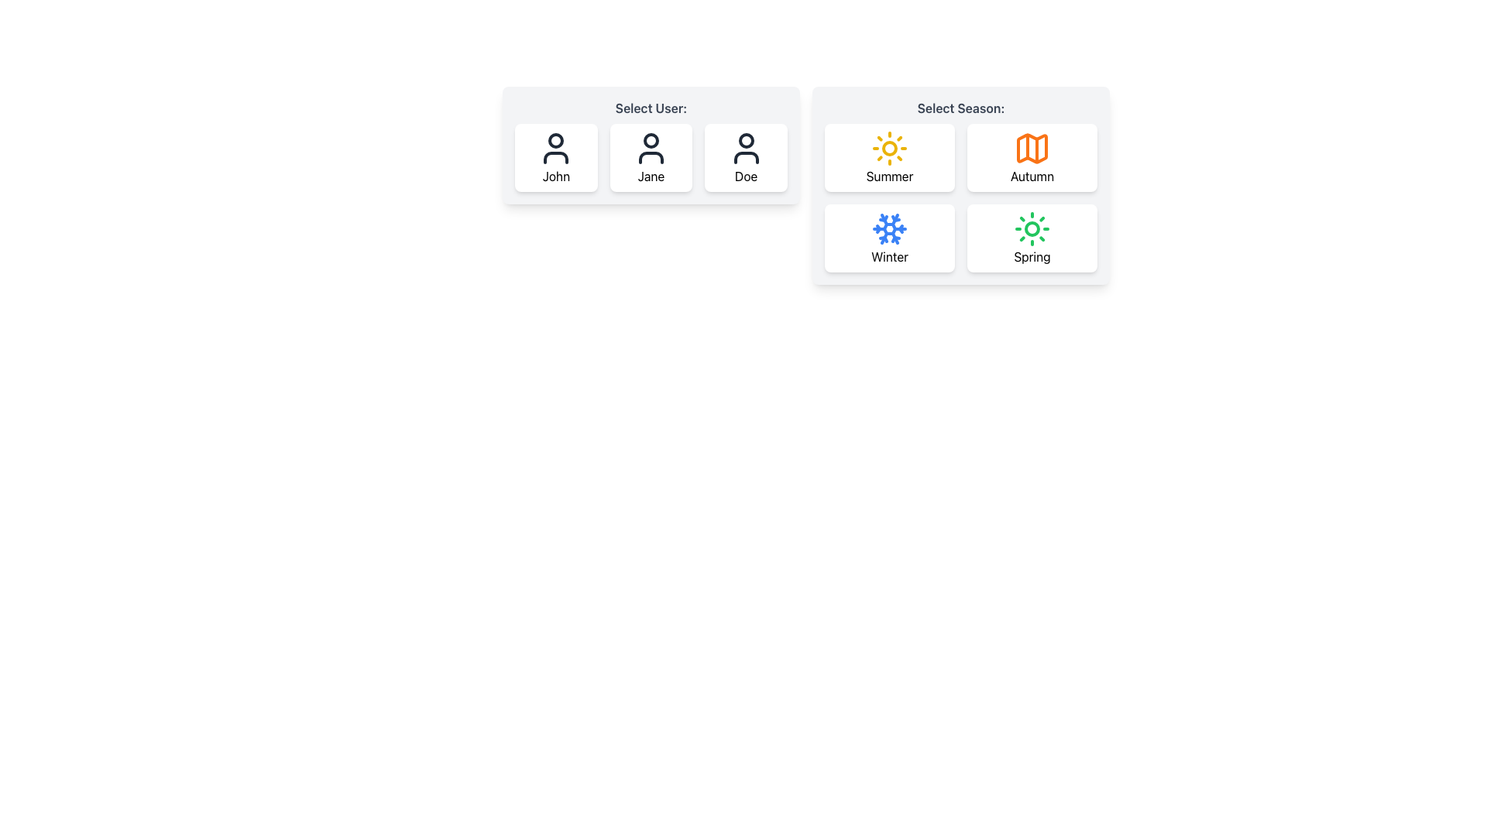 This screenshot has width=1487, height=836. I want to click on the 'John' user selection icon located in the 'Select User:' section, positioned at the top-center of the 'John' selection card, directly above the text label 'John', so click(556, 149).